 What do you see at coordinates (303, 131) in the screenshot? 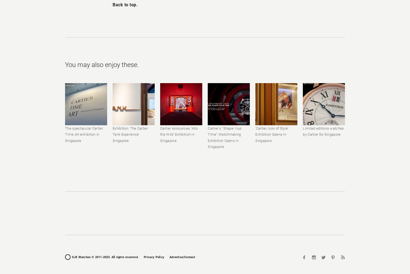
I see `'Limited editions watches by Cartier for Singapore'` at bounding box center [303, 131].